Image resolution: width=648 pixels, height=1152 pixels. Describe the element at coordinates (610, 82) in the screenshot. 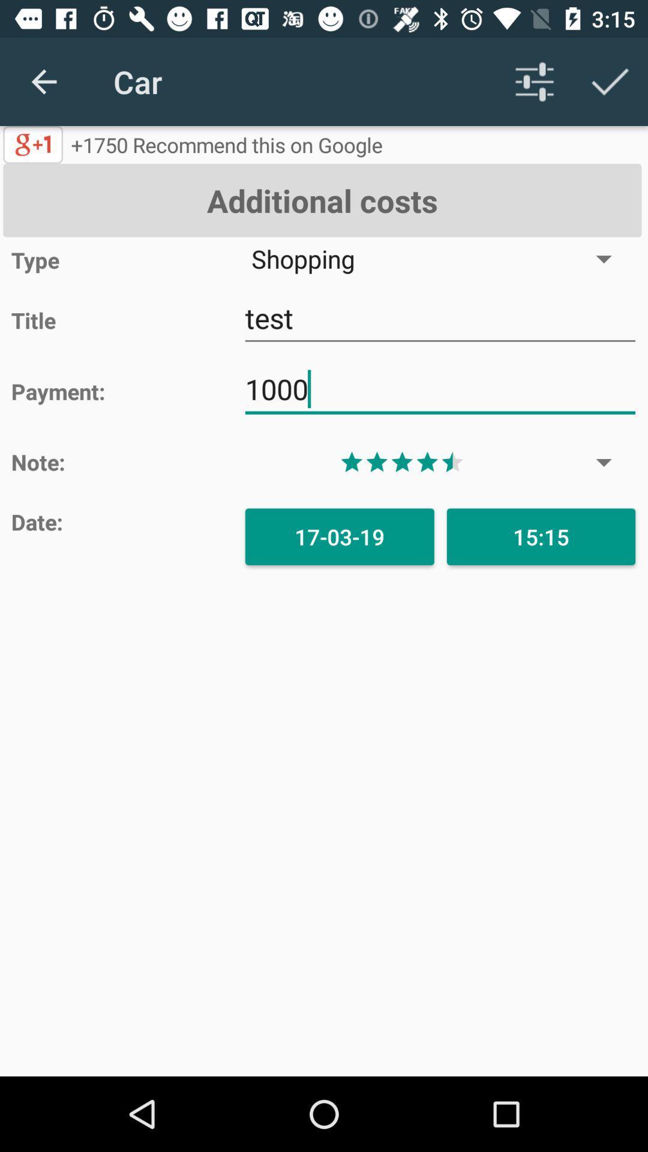

I see `the tick option on the top right corner` at that location.